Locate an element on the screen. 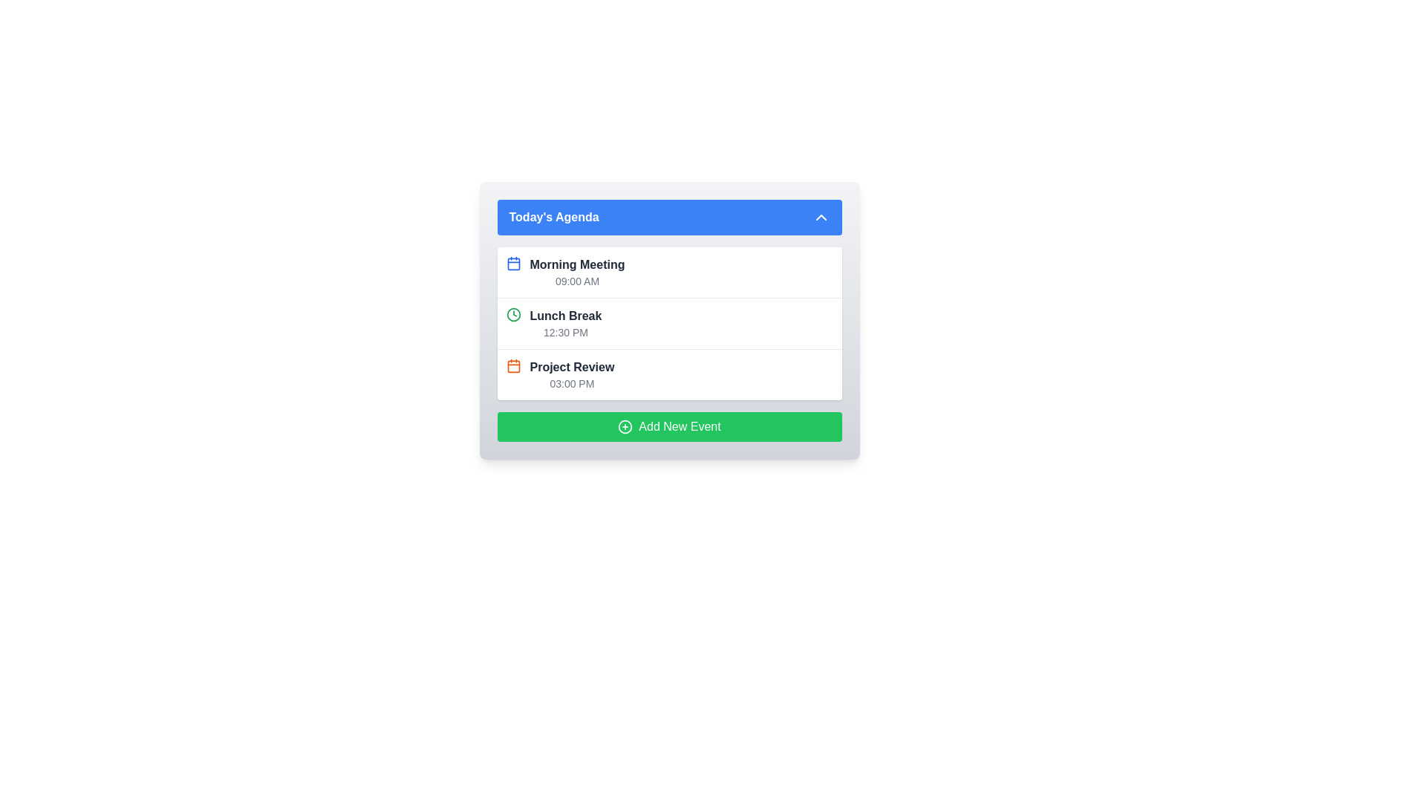 The width and height of the screenshot is (1426, 802). text displayed in the 'Today's Agenda' Text Display element, which is prominently shown in bold white font on a blue rectangular background at the top of the card component is located at coordinates (553, 218).